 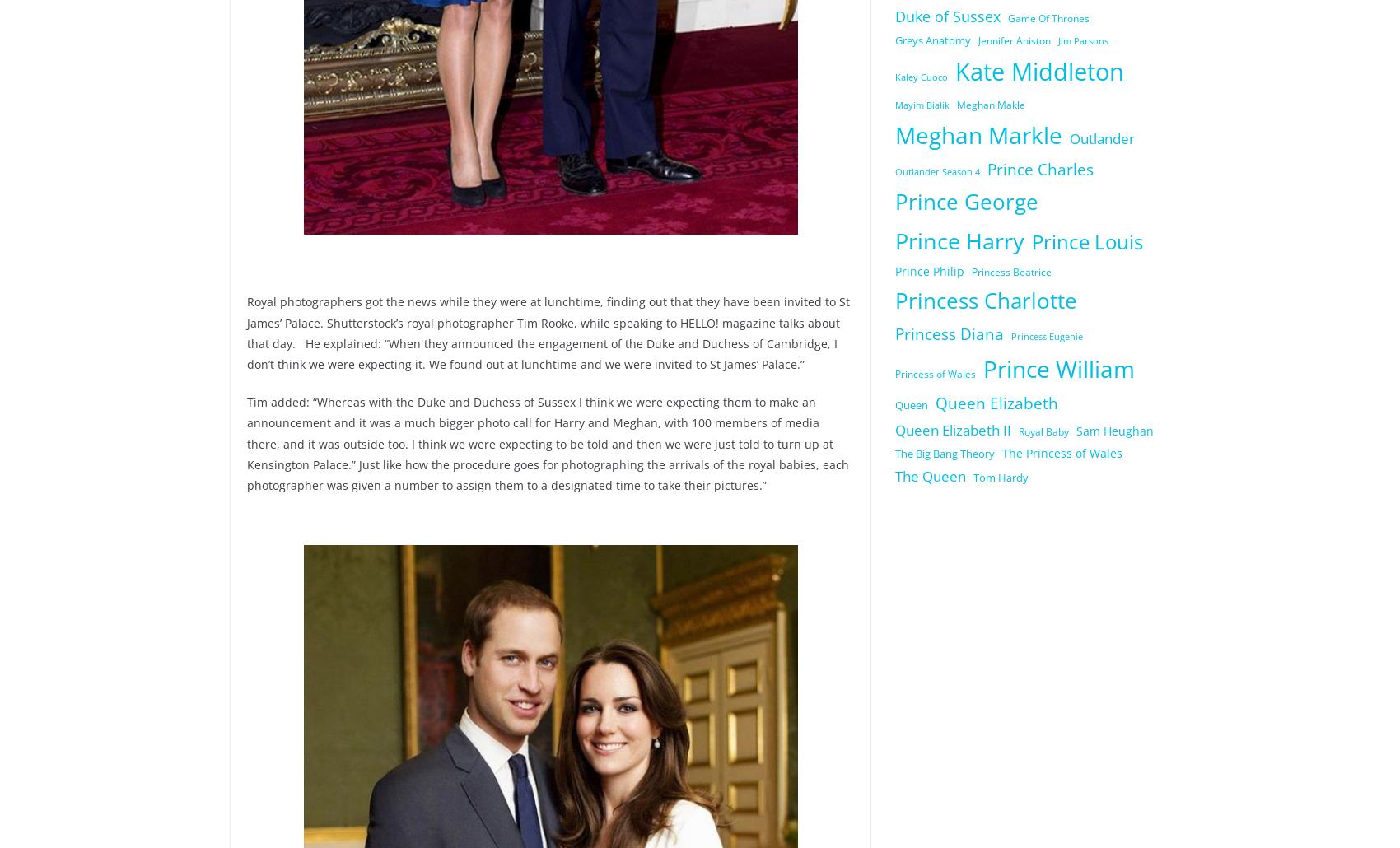 I want to click on 'Prince George', so click(x=966, y=202).